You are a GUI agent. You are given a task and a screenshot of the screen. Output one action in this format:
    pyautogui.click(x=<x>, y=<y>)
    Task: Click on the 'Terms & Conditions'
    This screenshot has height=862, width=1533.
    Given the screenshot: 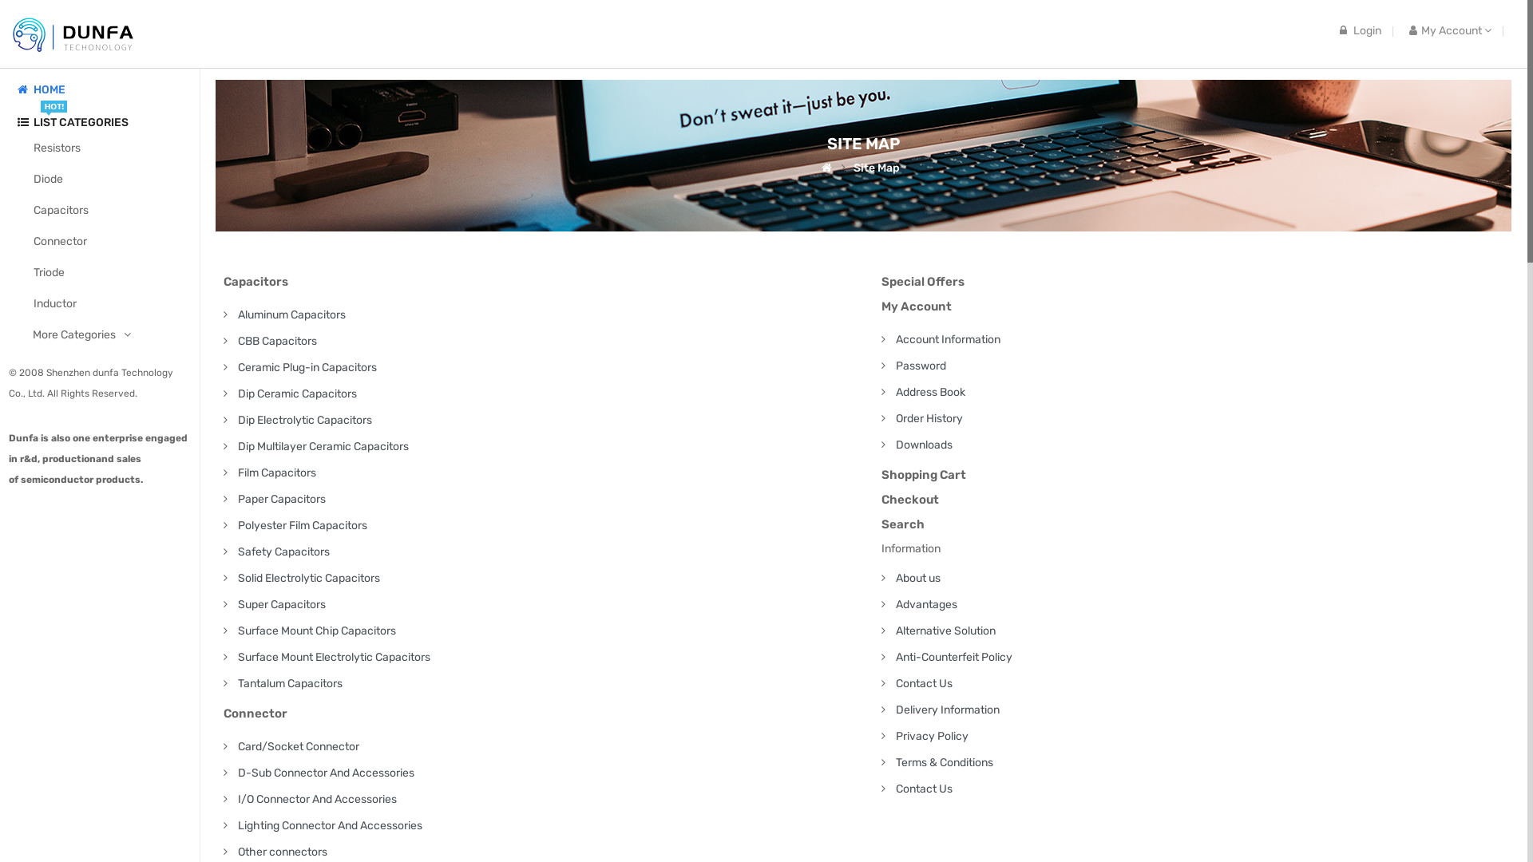 What is the action you would take?
    pyautogui.click(x=944, y=761)
    